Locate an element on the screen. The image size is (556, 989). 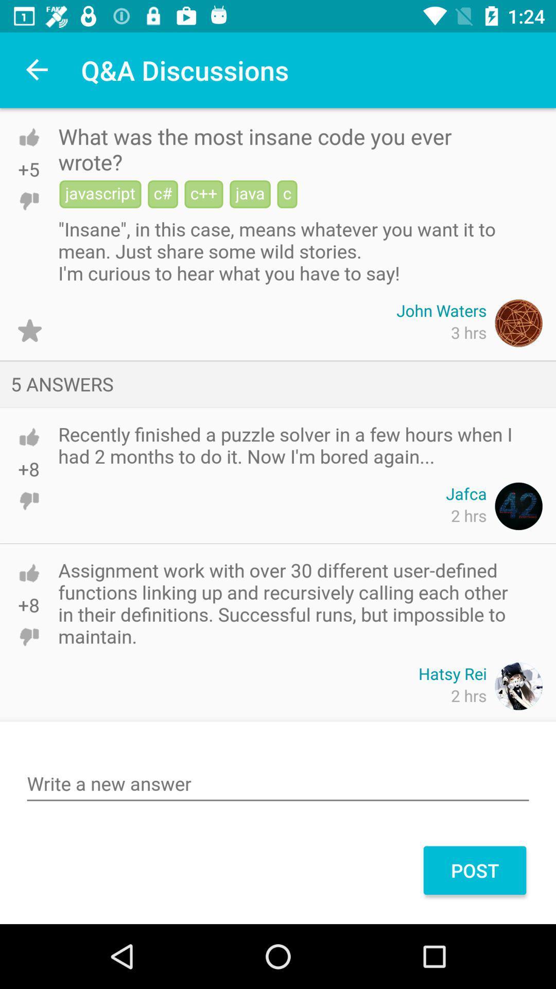
the button java on the web page is located at coordinates (252, 196).